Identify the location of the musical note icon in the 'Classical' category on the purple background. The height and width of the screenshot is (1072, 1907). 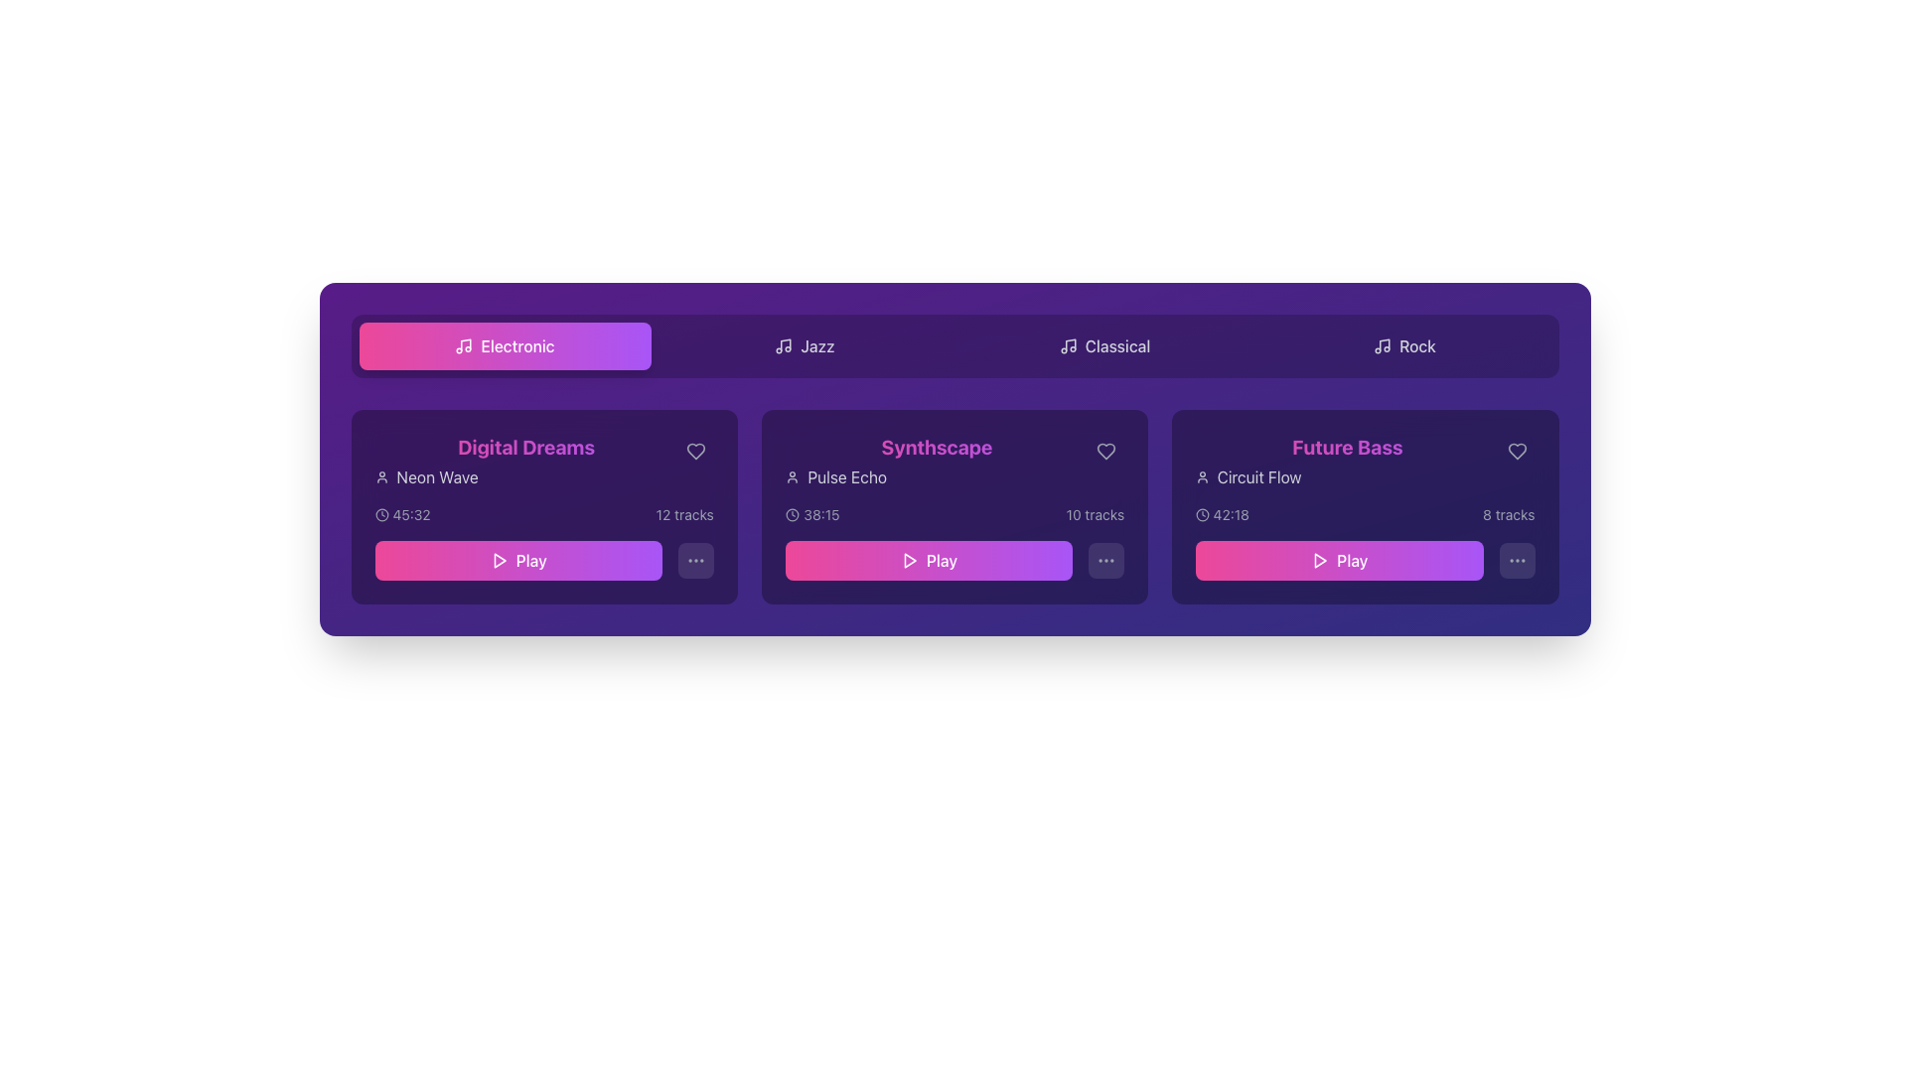
(1067, 344).